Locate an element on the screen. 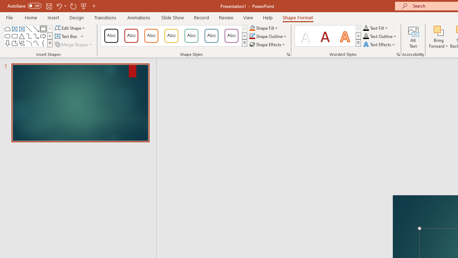 This screenshot has width=458, height=258. 'Left Brace' is located at coordinates (43, 43).